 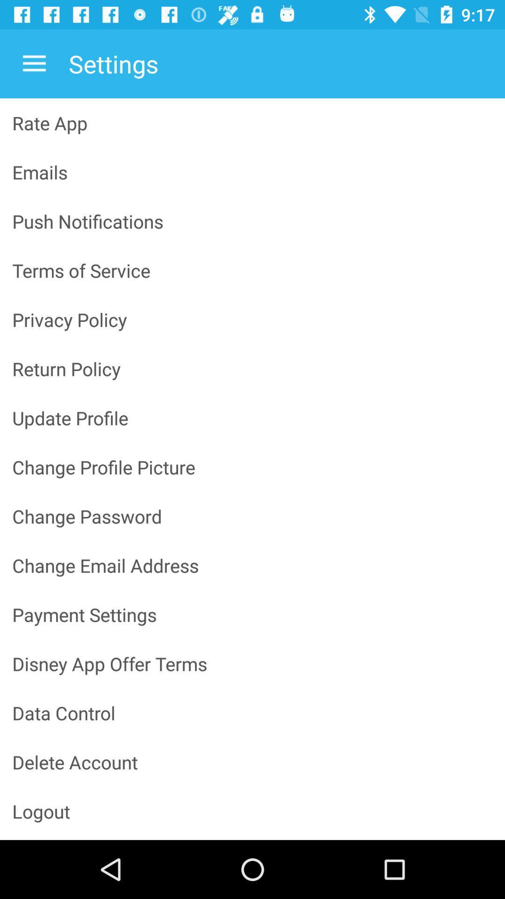 I want to click on the icon above the change email address icon, so click(x=252, y=516).